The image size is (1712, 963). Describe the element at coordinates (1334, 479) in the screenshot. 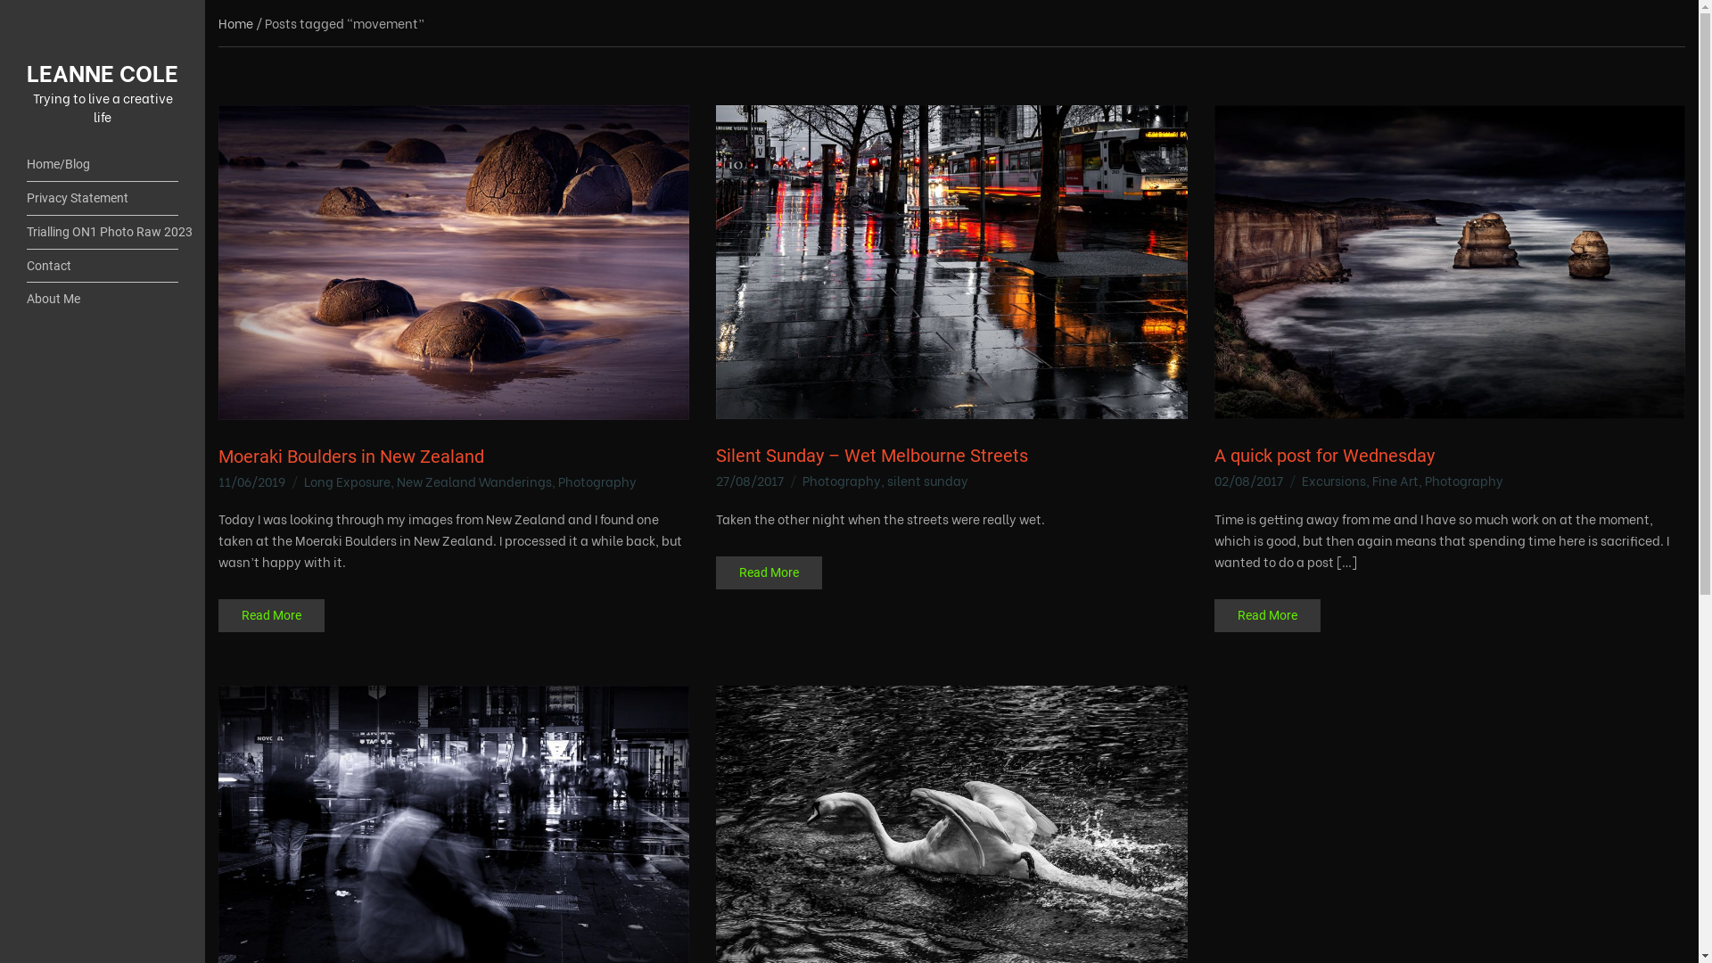

I see `'Excursions'` at that location.